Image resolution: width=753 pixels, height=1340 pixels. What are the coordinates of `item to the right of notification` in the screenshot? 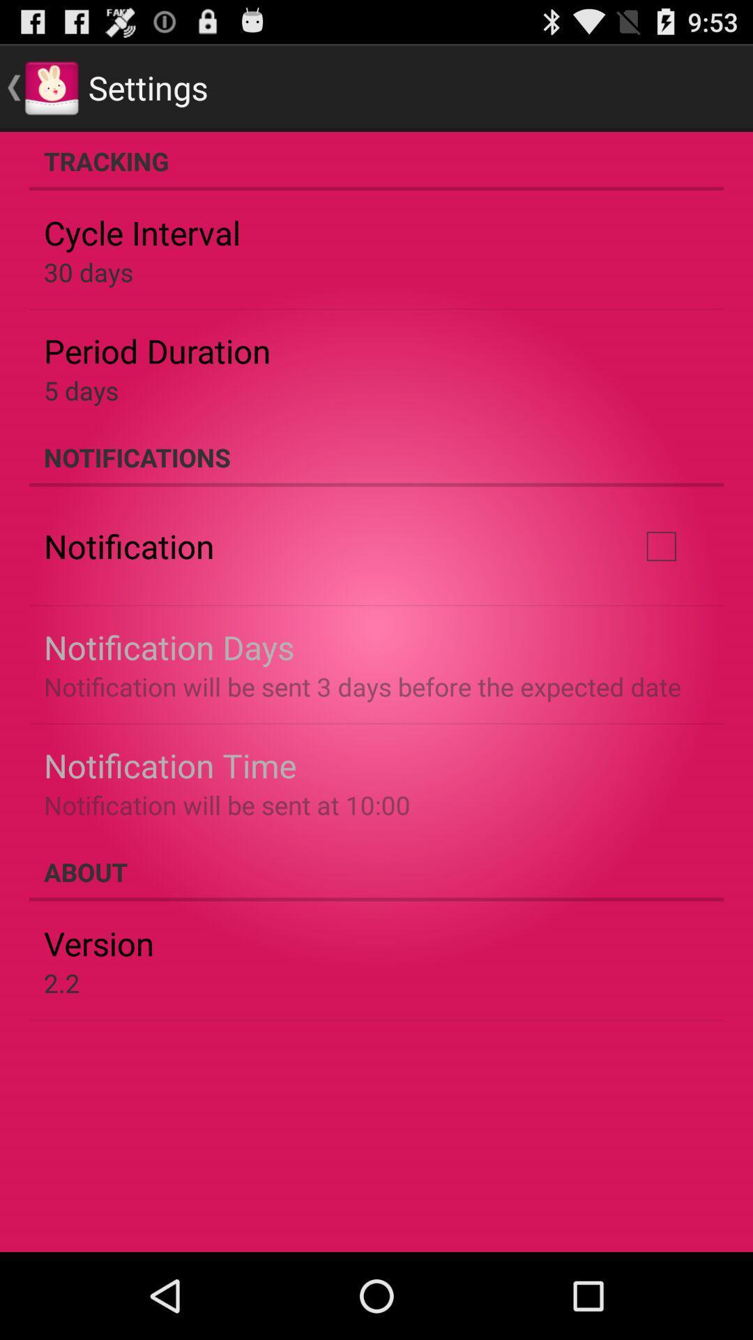 It's located at (660, 545).